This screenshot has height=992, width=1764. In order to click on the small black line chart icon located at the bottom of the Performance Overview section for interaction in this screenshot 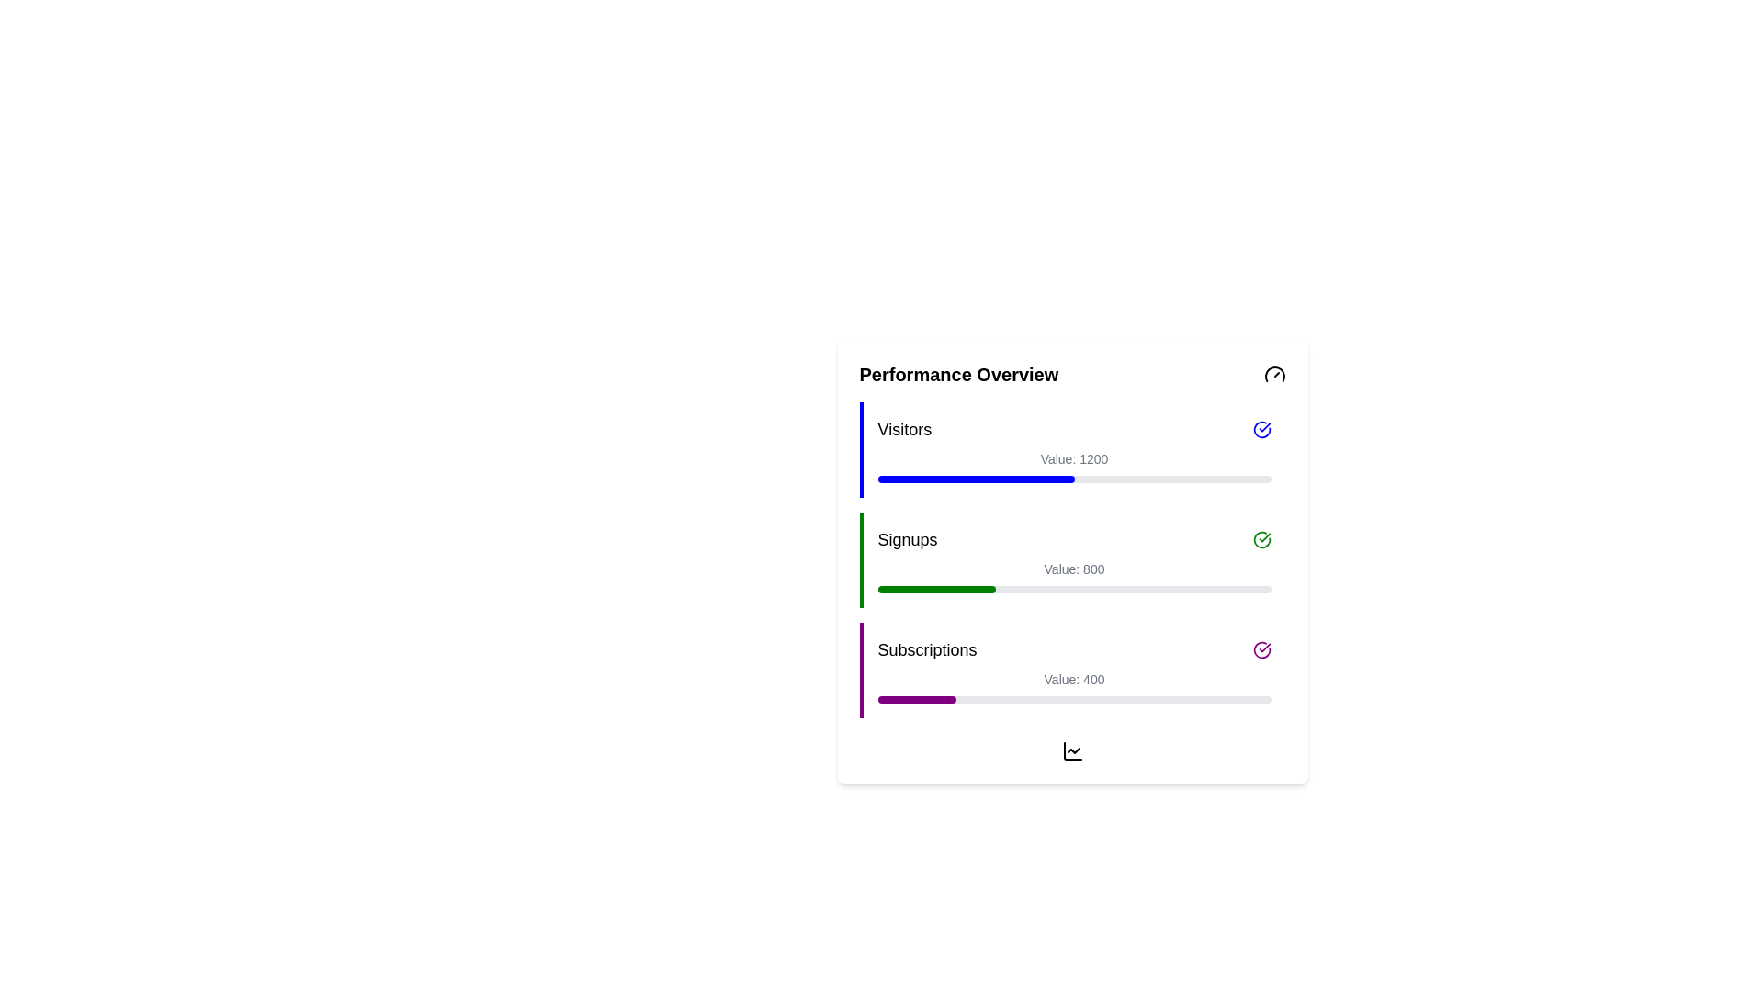, I will do `click(1072, 750)`.